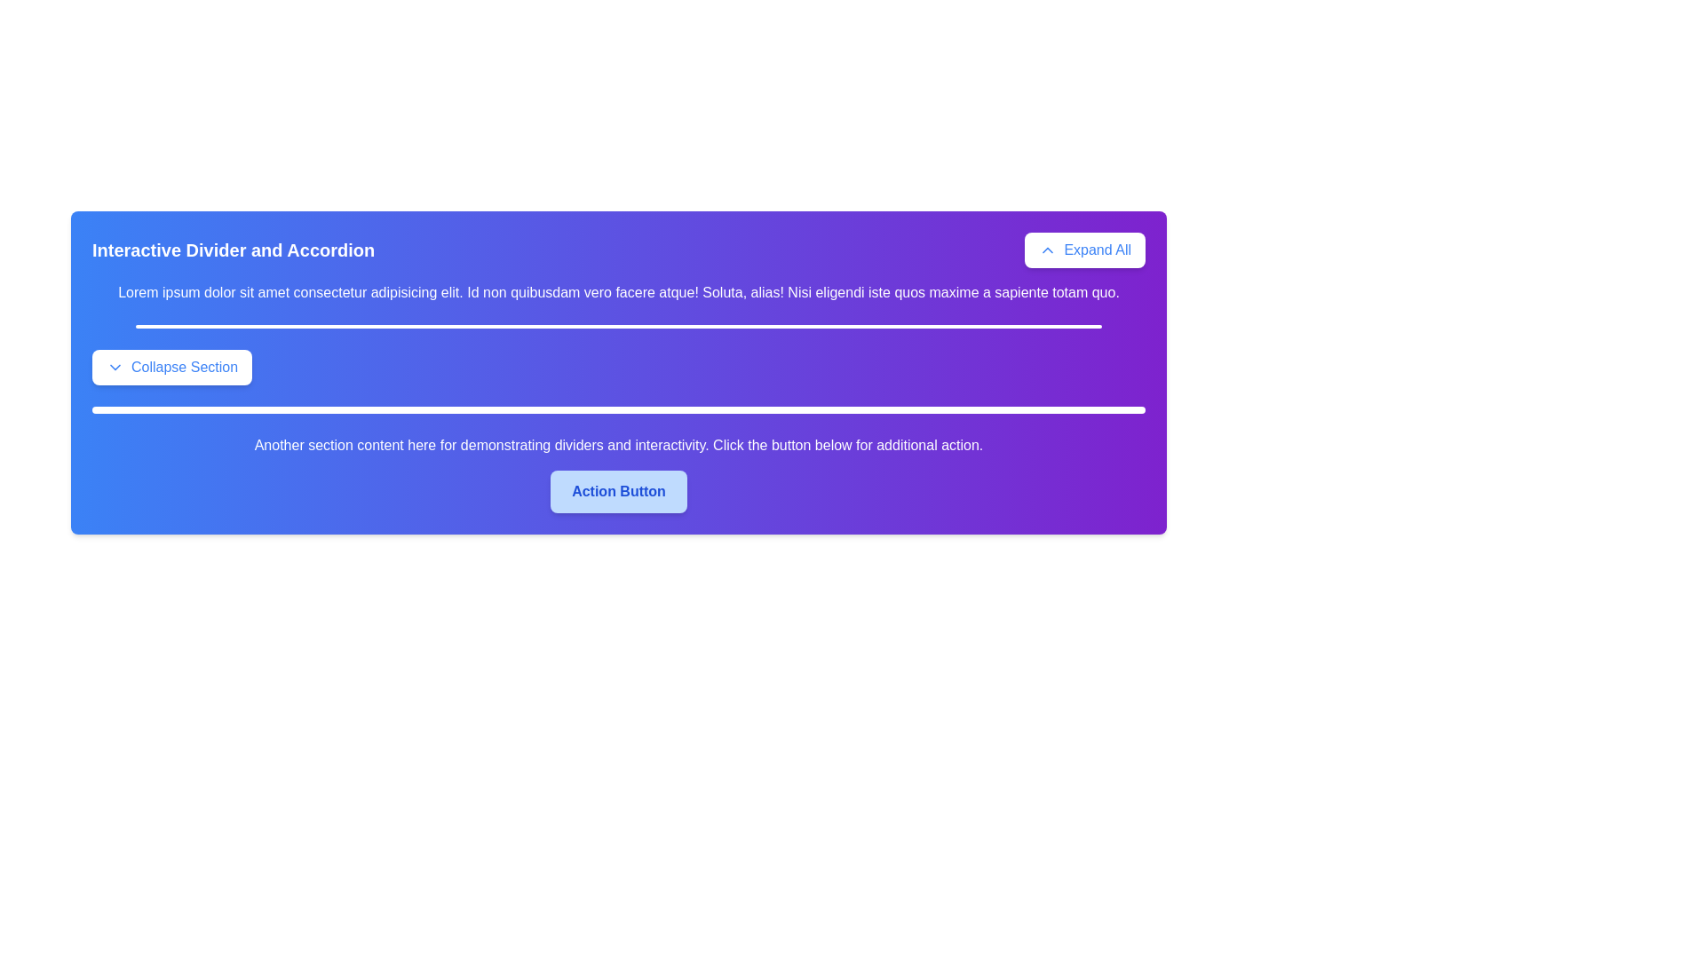 This screenshot has width=1705, height=959. What do you see at coordinates (618, 326) in the screenshot?
I see `the Divider element located between the paragraph text and the 'Collapse Section' button to enhance content separation` at bounding box center [618, 326].